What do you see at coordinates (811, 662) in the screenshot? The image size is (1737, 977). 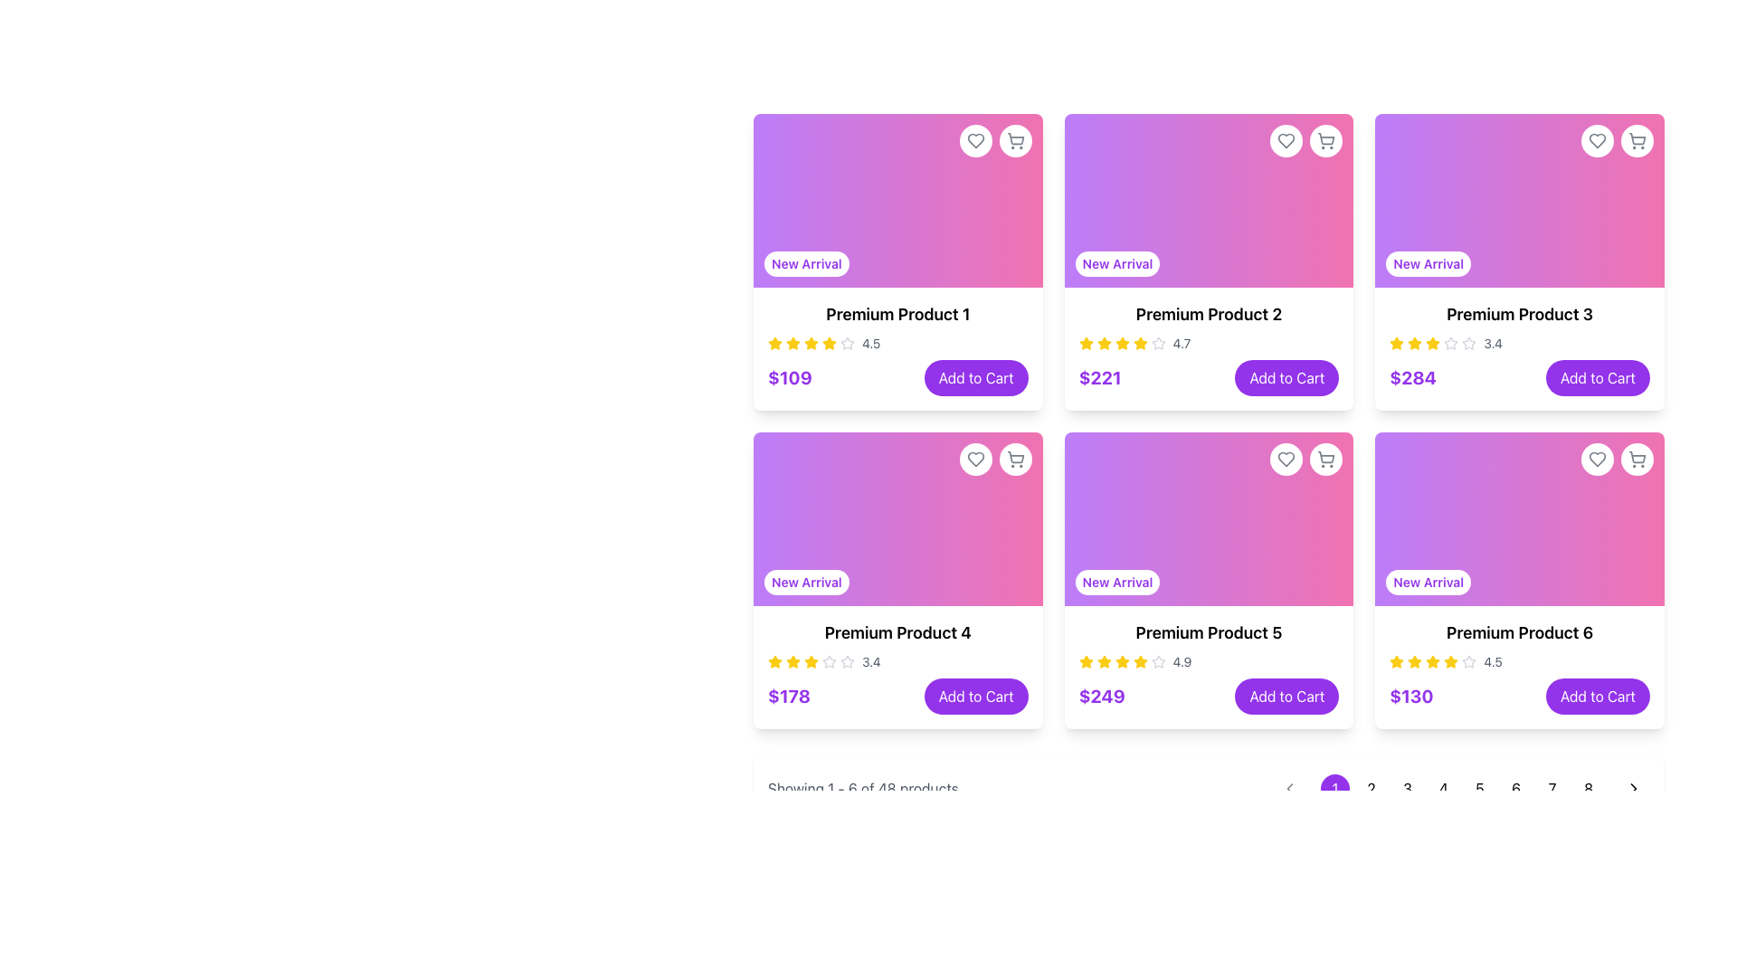 I see `the fourth star icon in the rating row of the 'Premium Product 4' section, which visually represents a rating of 3.4` at bounding box center [811, 662].